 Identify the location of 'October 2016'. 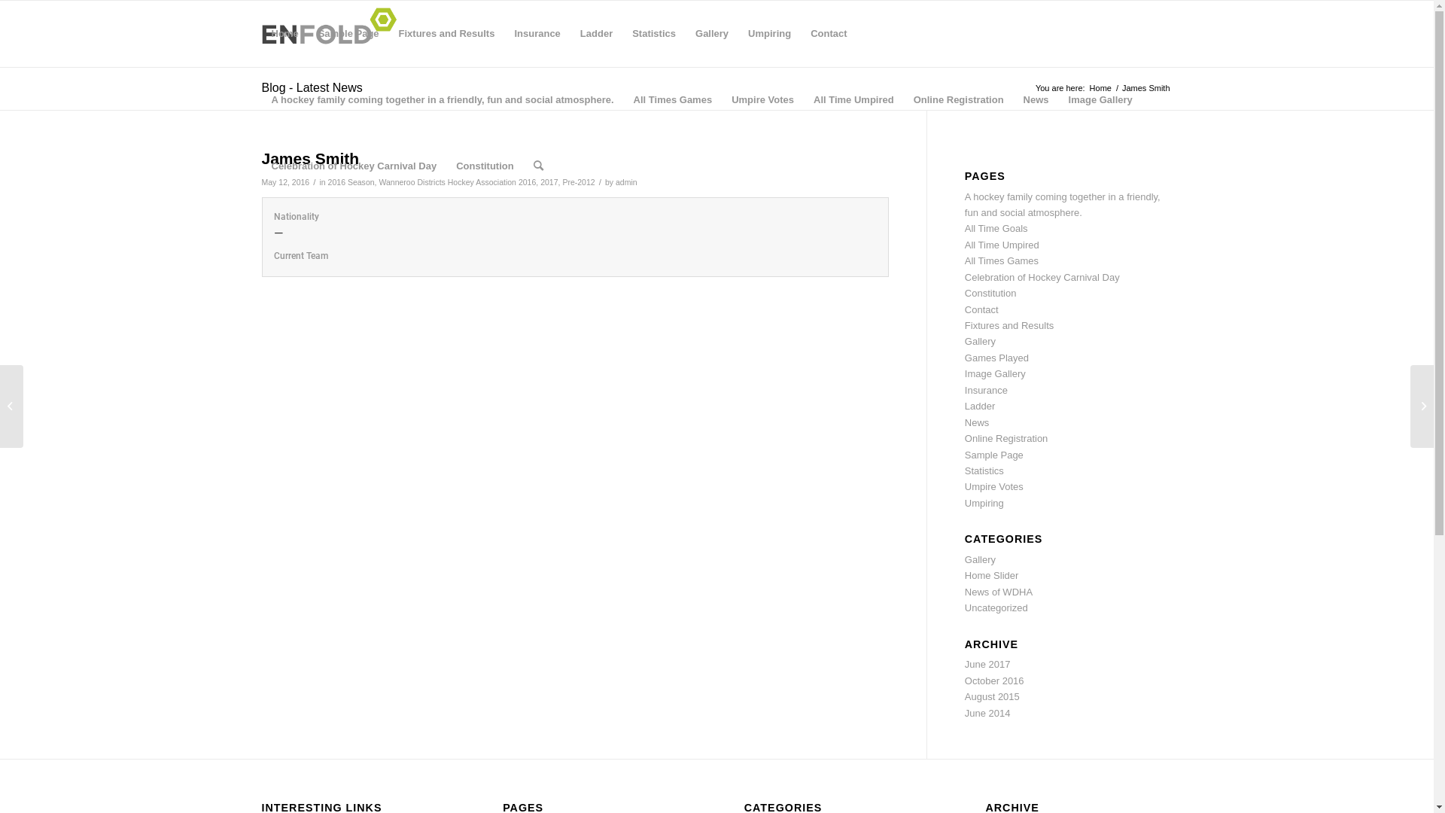
(994, 681).